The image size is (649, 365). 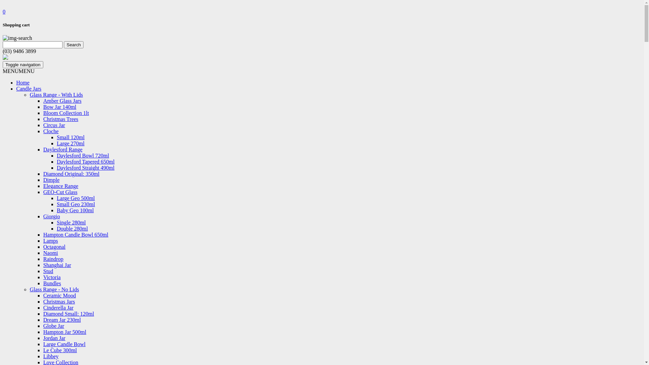 I want to click on 'Bloom Collection 1lt', so click(x=66, y=113).